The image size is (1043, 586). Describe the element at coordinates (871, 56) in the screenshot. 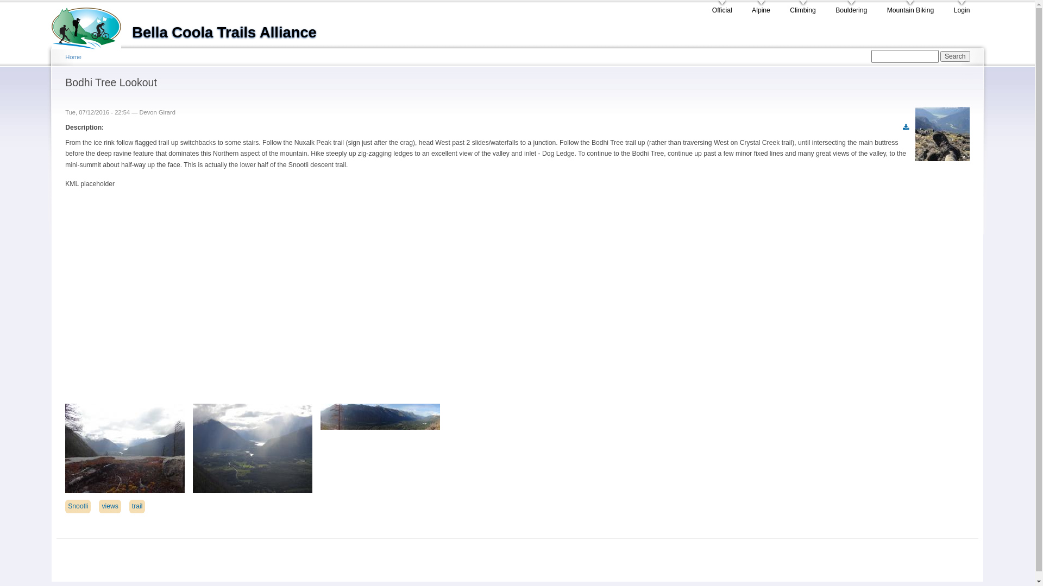

I see `'Enter the terms you wish to search for.'` at that location.